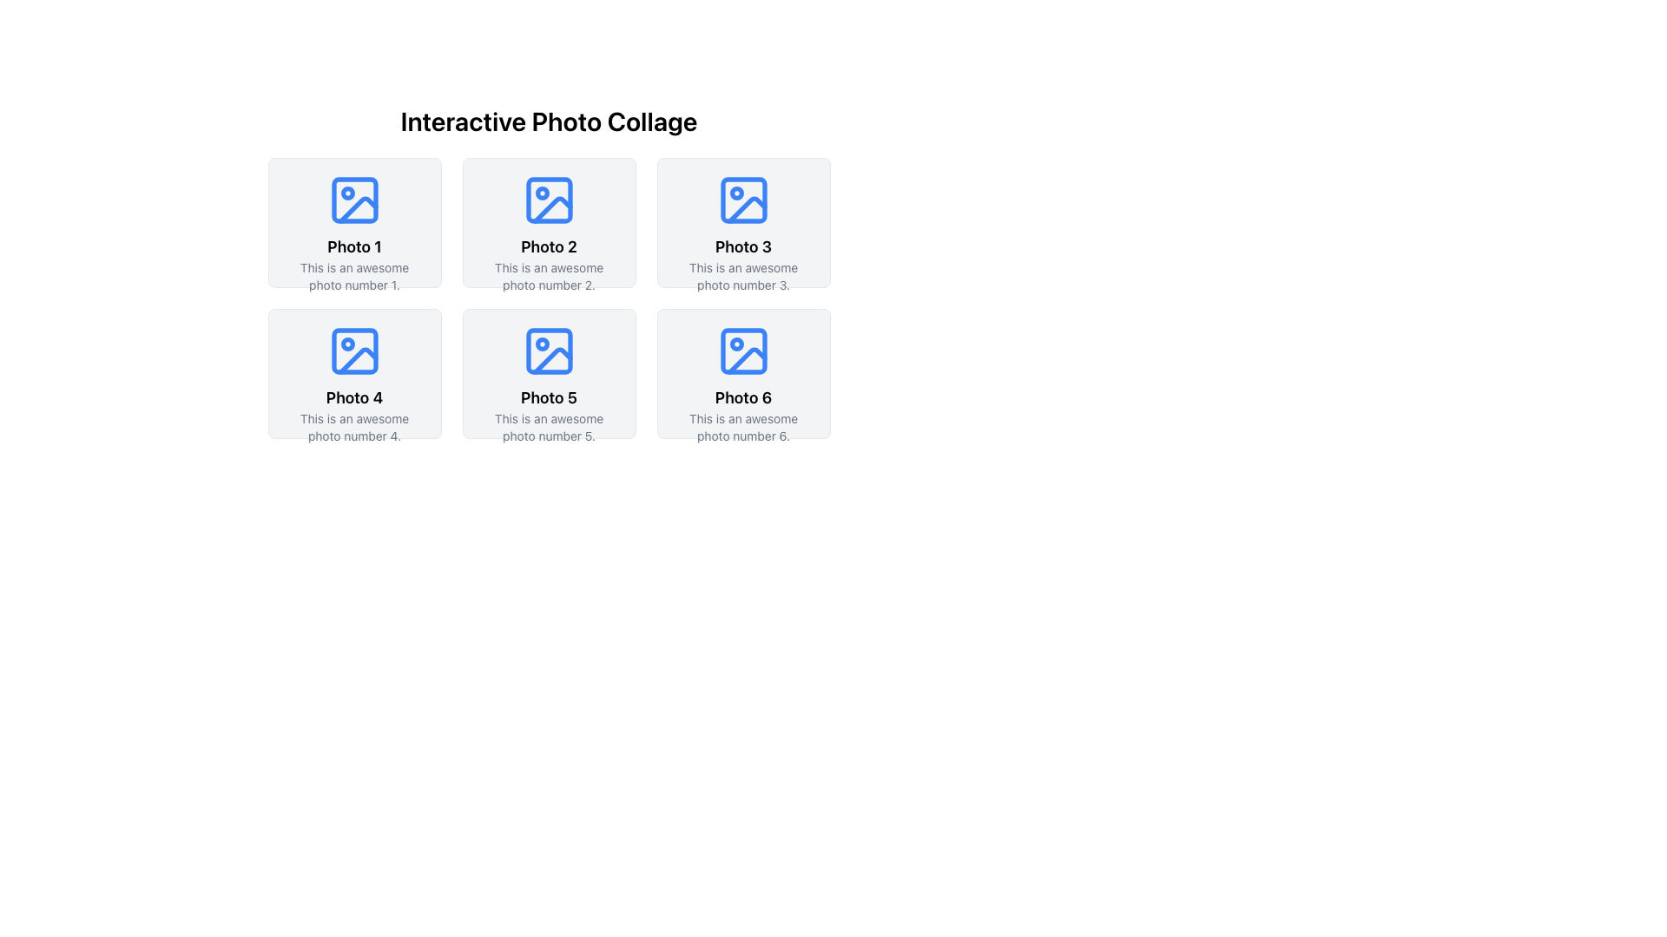 The image size is (1667, 937). Describe the element at coordinates (347, 193) in the screenshot. I see `the small circular graphical marker with a blue base` at that location.